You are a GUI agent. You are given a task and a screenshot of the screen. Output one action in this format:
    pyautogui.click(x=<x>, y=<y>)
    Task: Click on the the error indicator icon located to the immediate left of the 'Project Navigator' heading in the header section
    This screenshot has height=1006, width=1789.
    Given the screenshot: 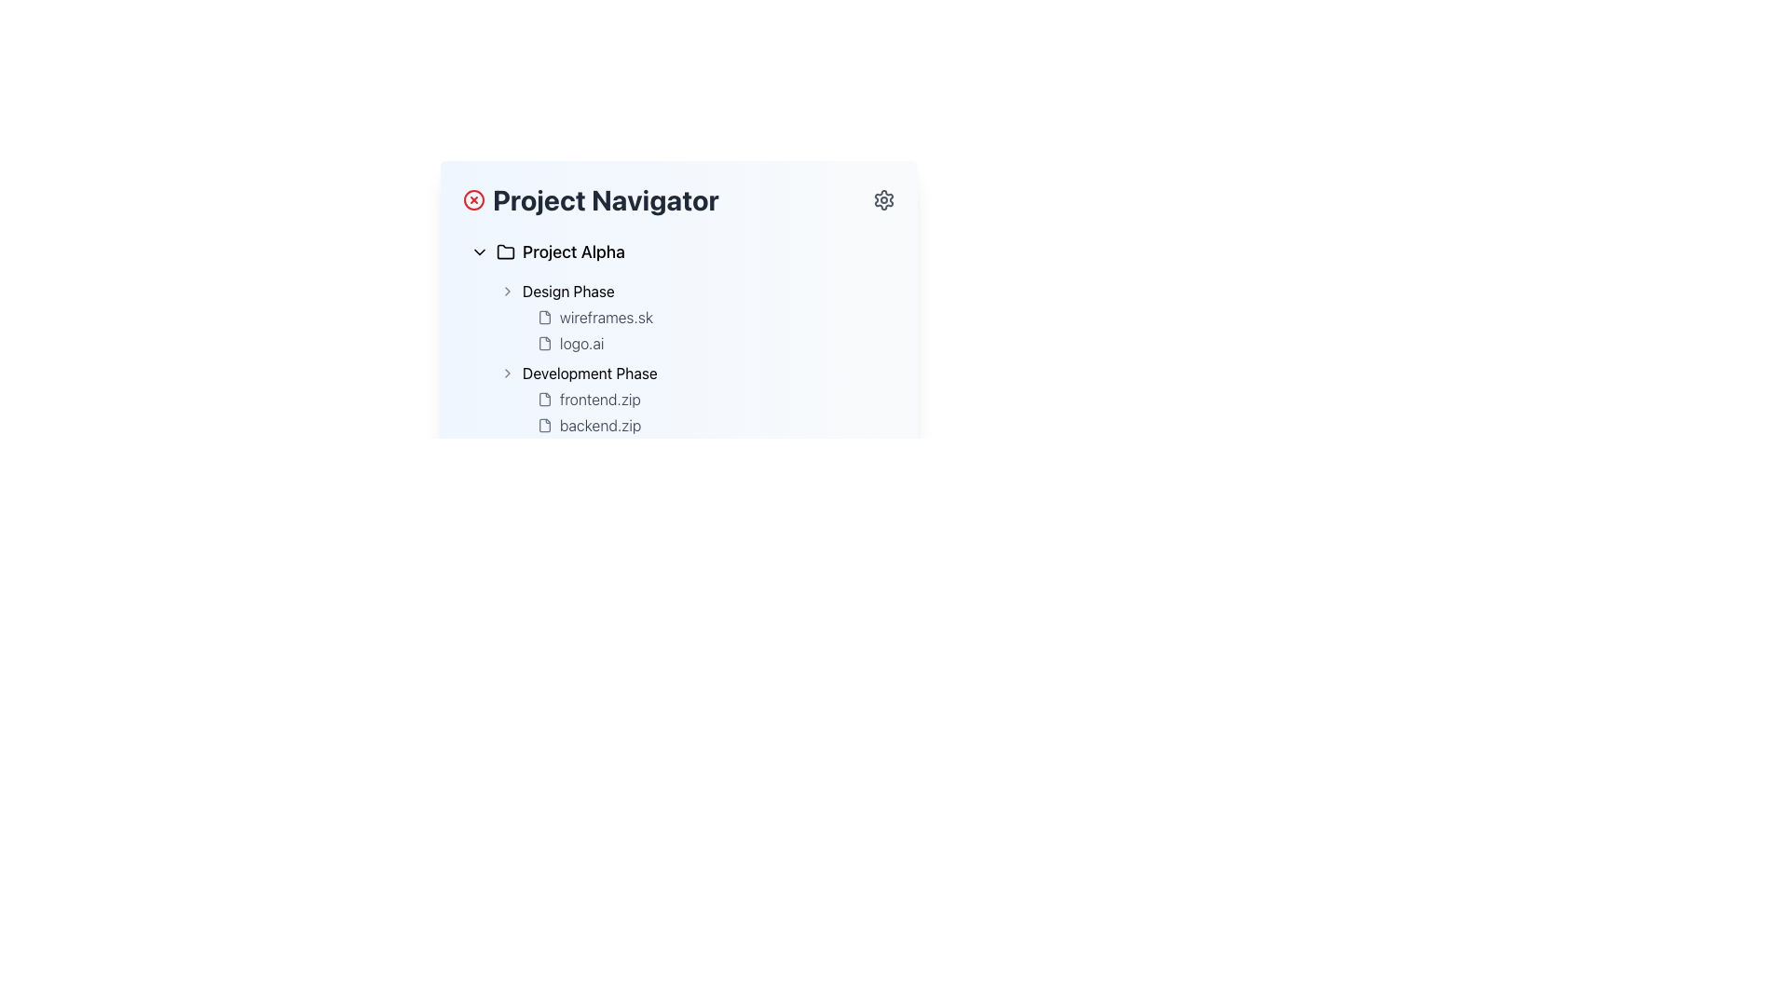 What is the action you would take?
    pyautogui.click(x=473, y=200)
    